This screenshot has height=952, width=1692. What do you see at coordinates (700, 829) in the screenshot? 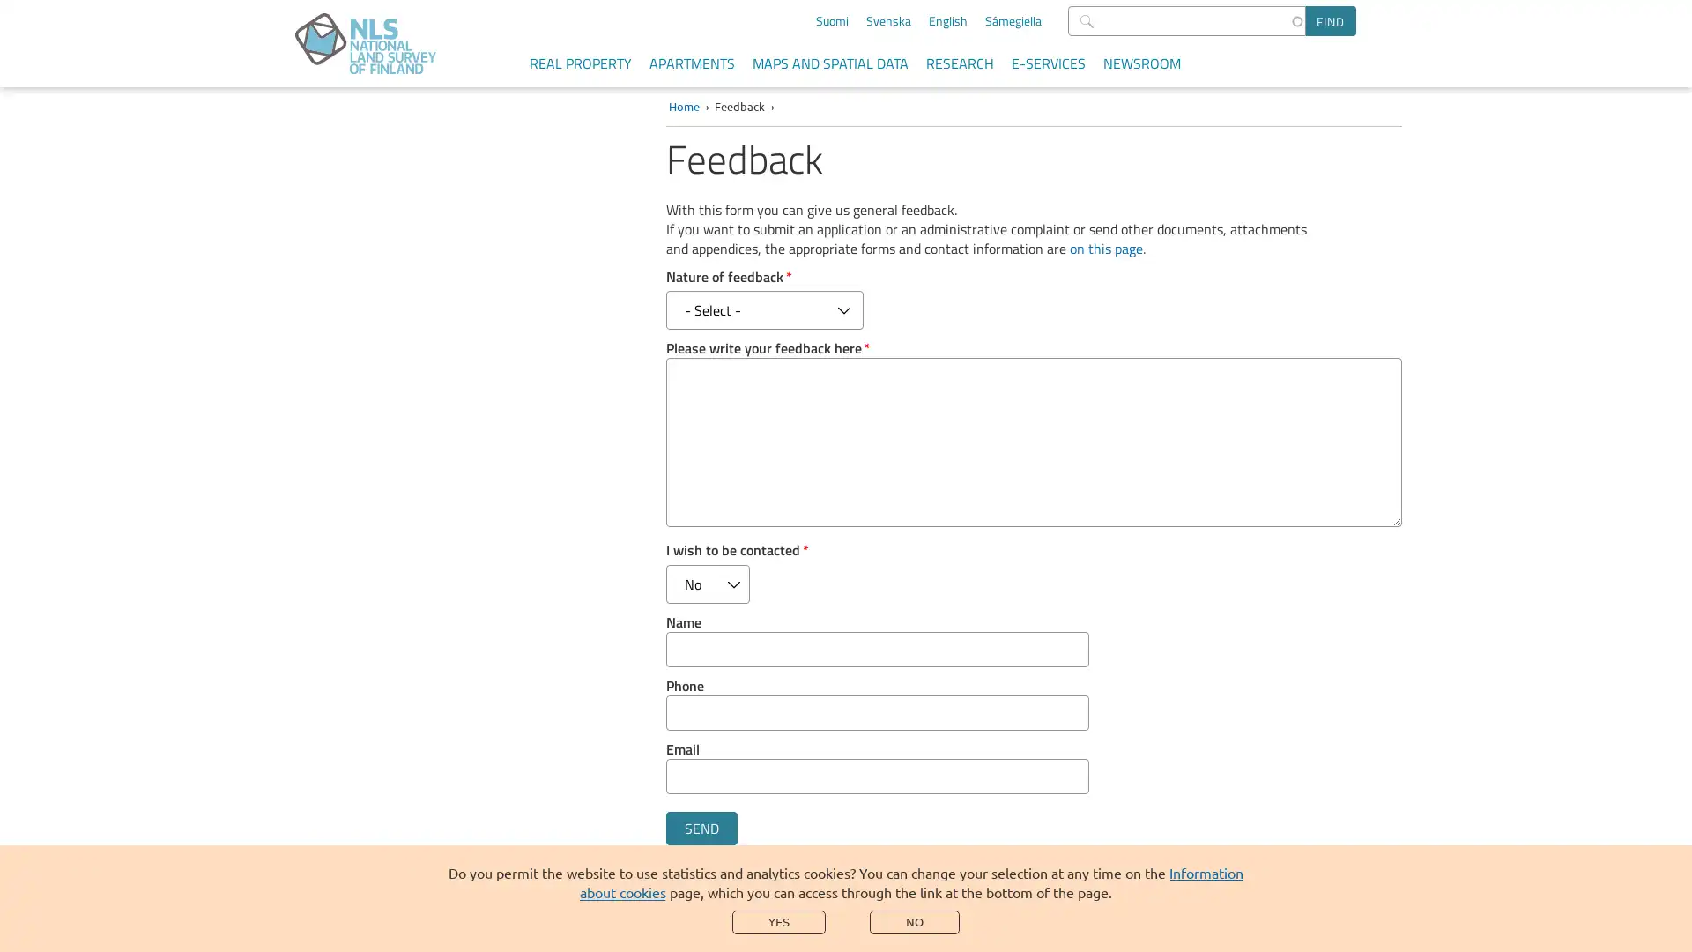
I see `Send` at bounding box center [700, 829].